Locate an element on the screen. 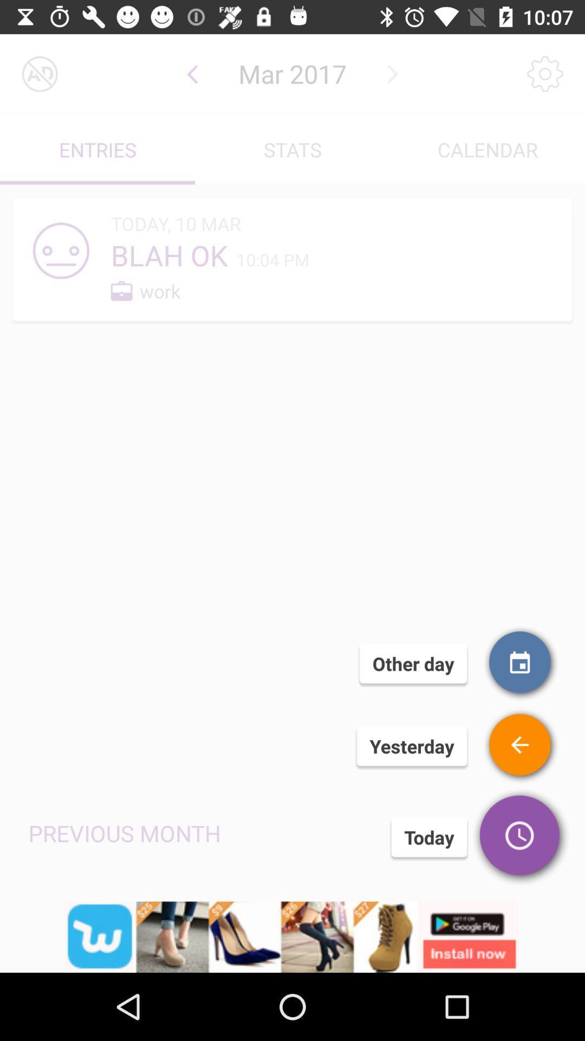 Image resolution: width=585 pixels, height=1041 pixels. turn off advertisements is located at coordinates (39, 73).